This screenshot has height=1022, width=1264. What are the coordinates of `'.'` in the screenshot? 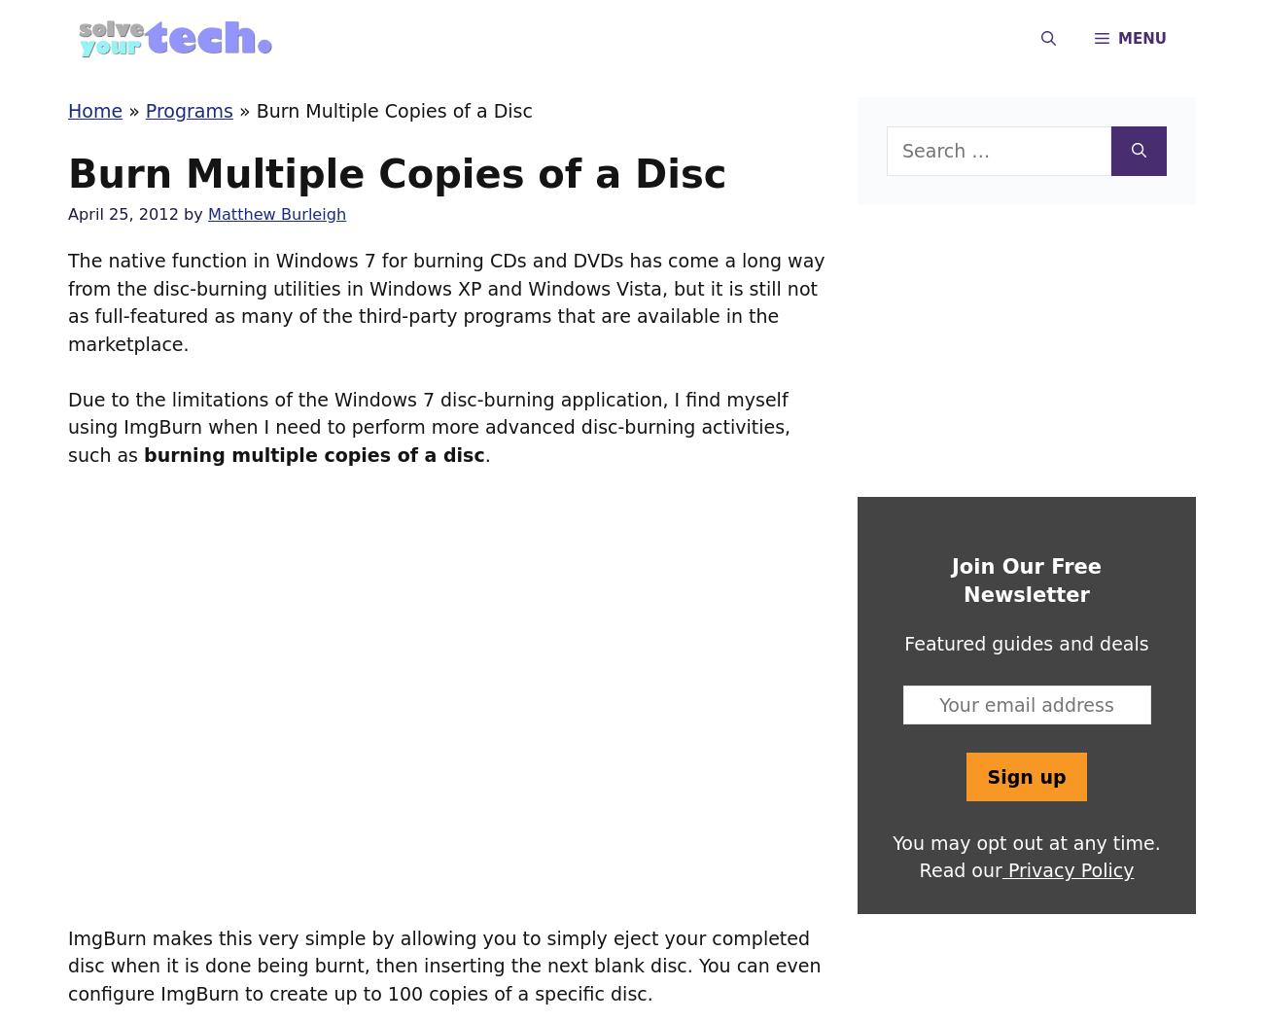 It's located at (484, 452).